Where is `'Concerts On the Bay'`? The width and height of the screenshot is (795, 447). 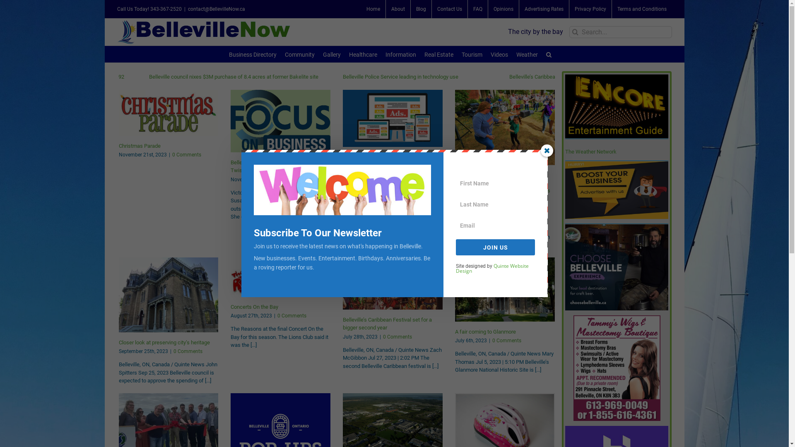
'Concerts On the Bay' is located at coordinates (254, 307).